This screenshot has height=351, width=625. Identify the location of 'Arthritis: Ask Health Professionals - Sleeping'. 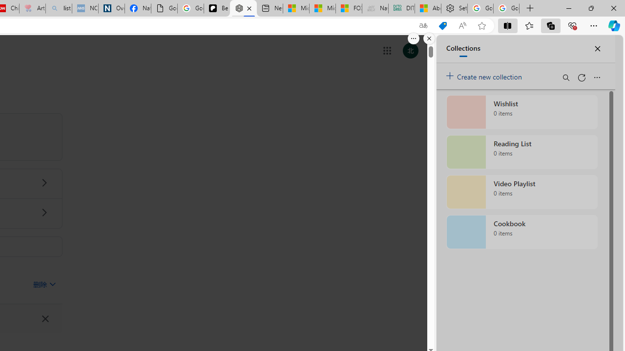
(32, 8).